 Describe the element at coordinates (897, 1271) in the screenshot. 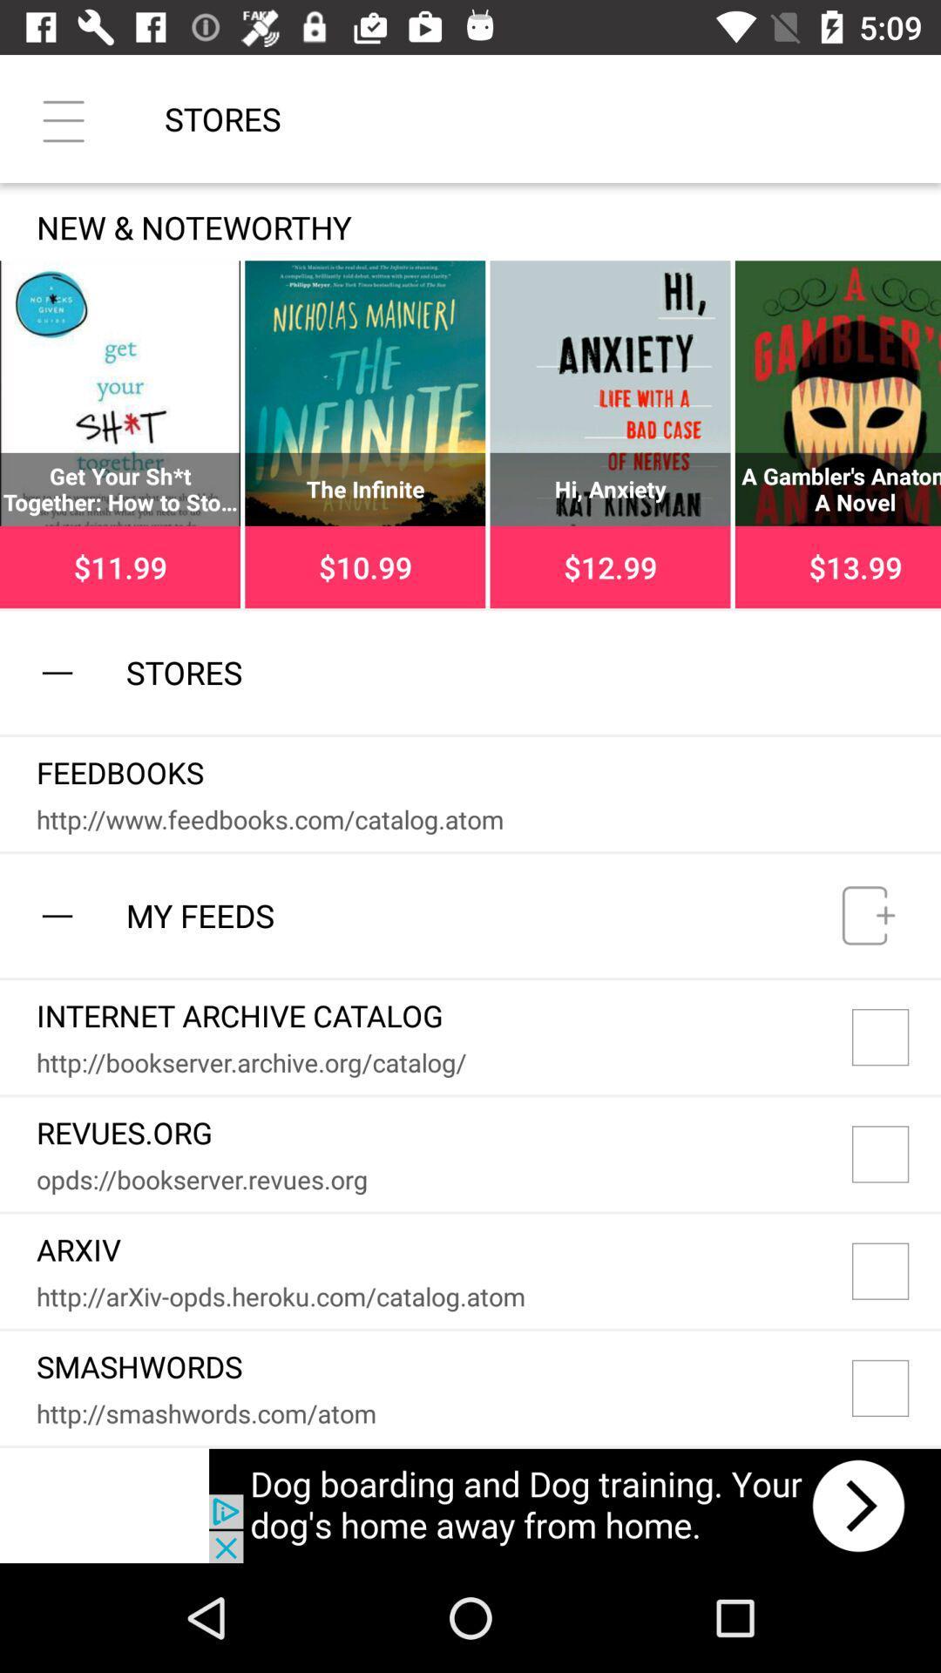

I see `check the box` at that location.